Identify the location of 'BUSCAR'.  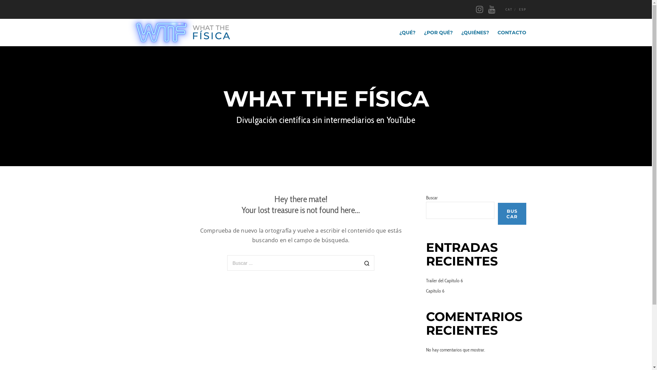
(512, 213).